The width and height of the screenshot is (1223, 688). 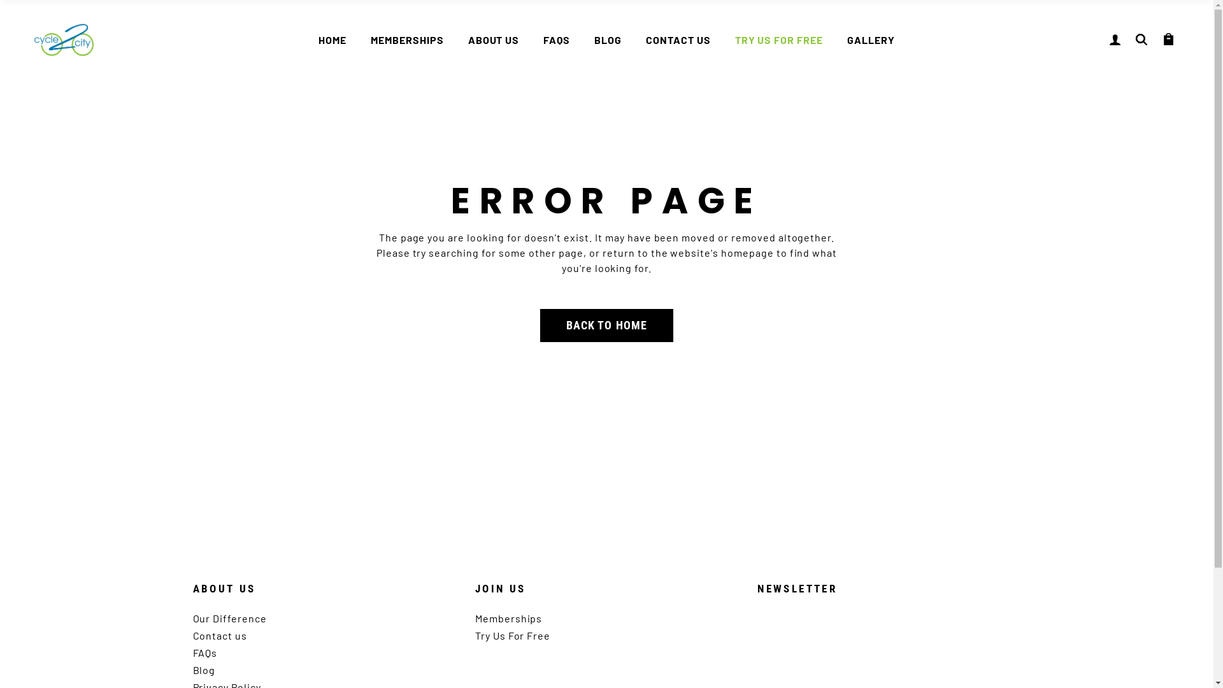 I want to click on 'Our Difference', so click(x=229, y=617).